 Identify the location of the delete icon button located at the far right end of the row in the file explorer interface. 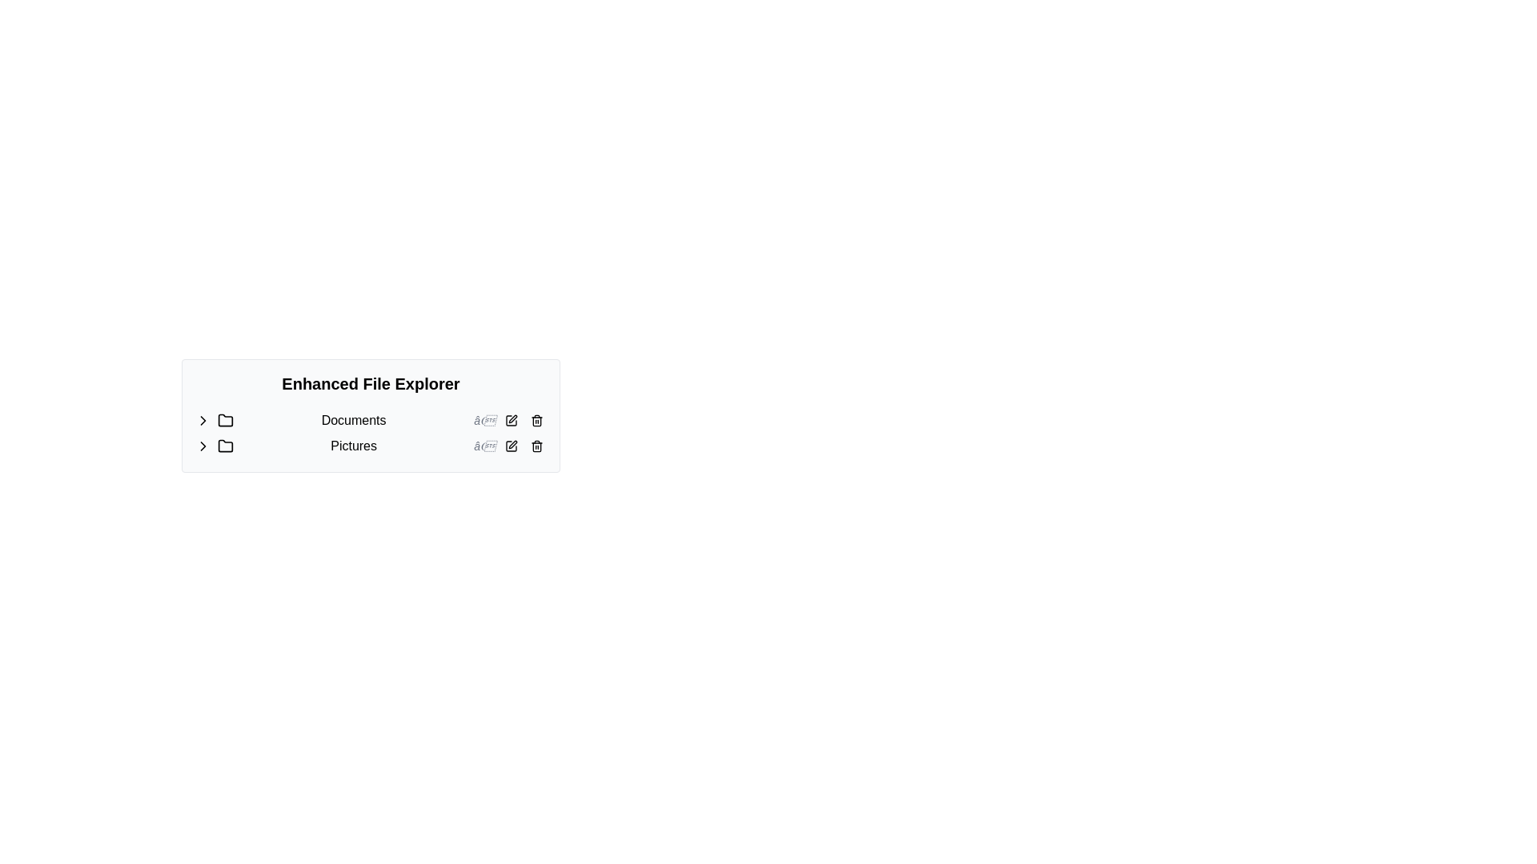
(537, 419).